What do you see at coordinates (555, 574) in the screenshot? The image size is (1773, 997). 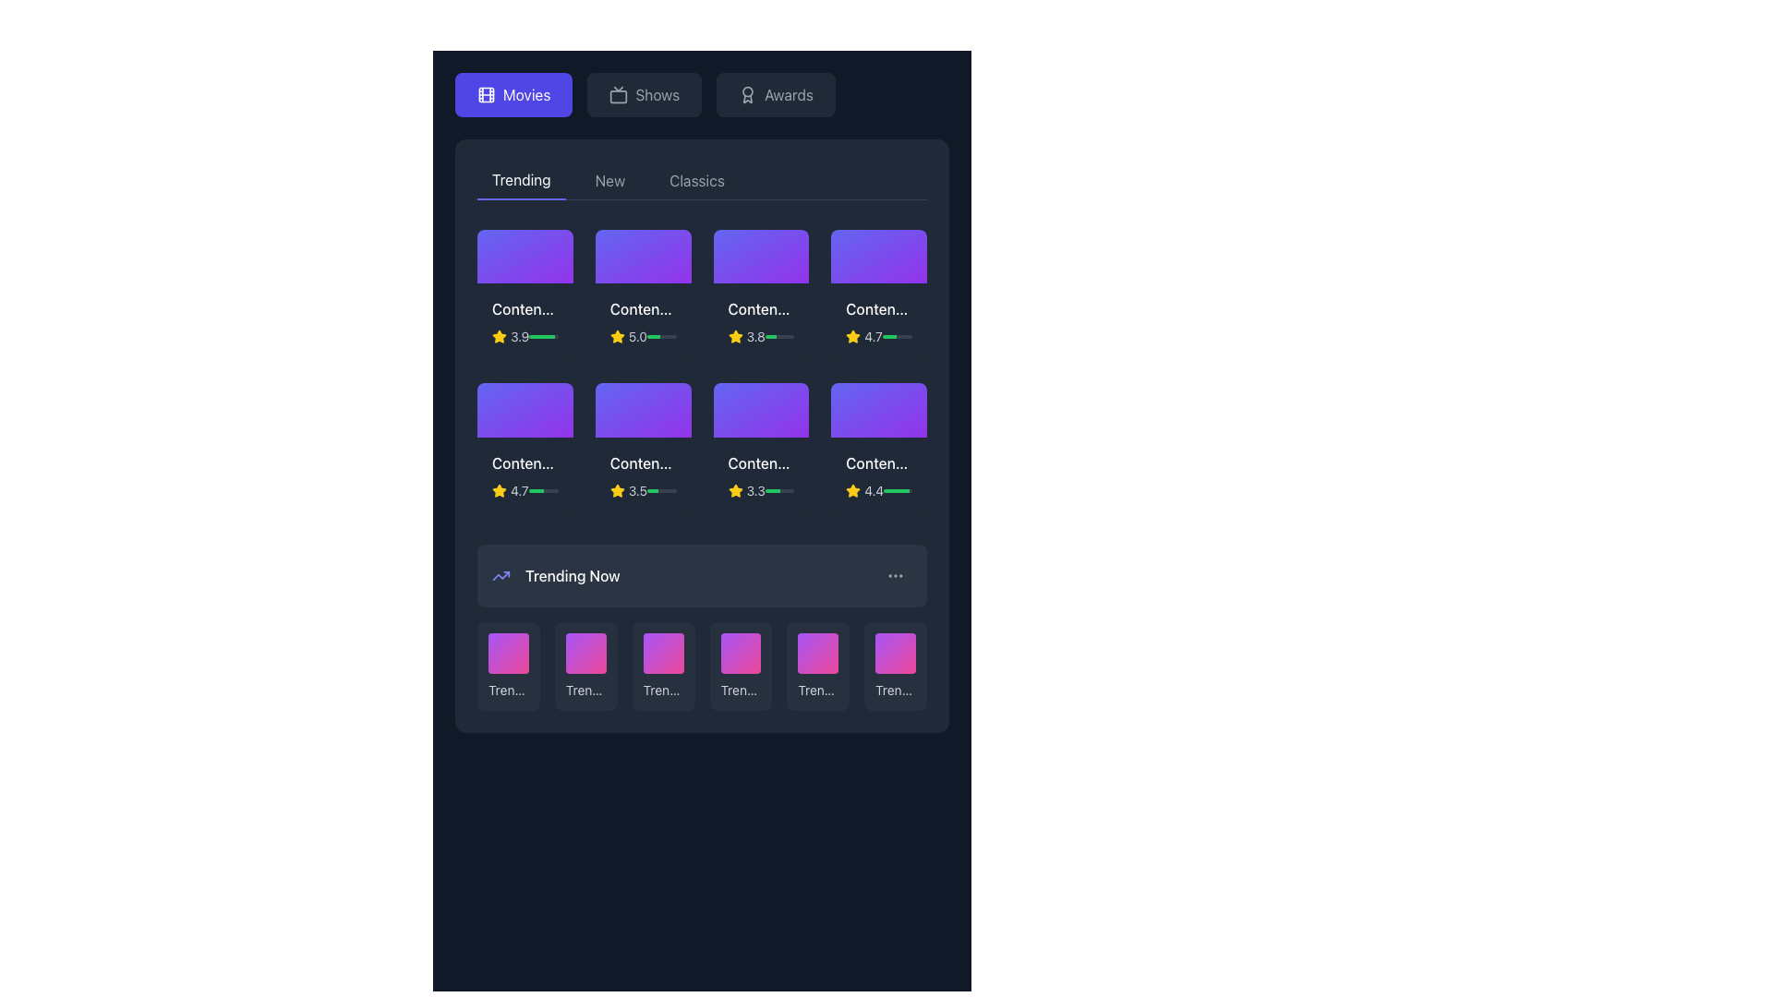 I see `the heading or label with an icon representing a rising trend, which includes the text 'Trending Now' styled in white font against a dark background` at bounding box center [555, 574].